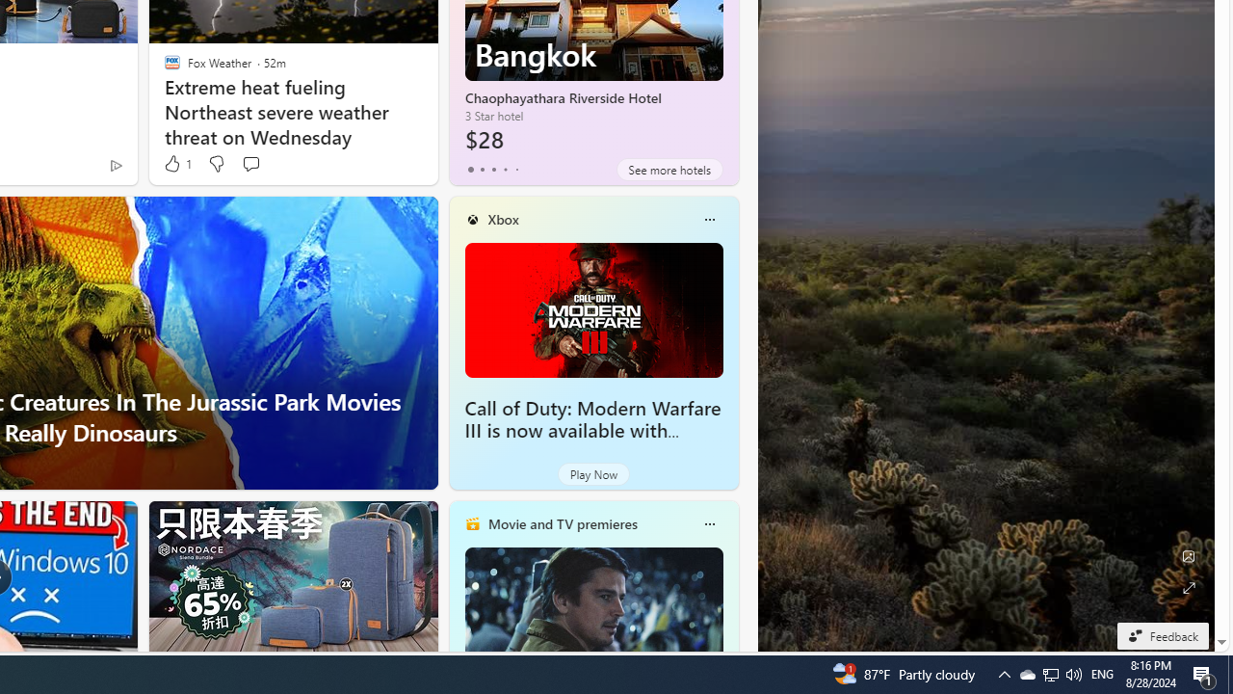 Image resolution: width=1233 pixels, height=694 pixels. I want to click on 'Ad Choice', so click(115, 164).